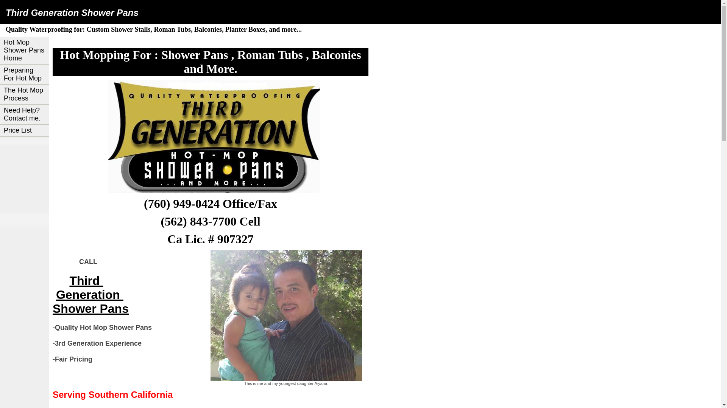  Describe the element at coordinates (24, 74) in the screenshot. I see `'Preparing For Hot Mop'` at that location.